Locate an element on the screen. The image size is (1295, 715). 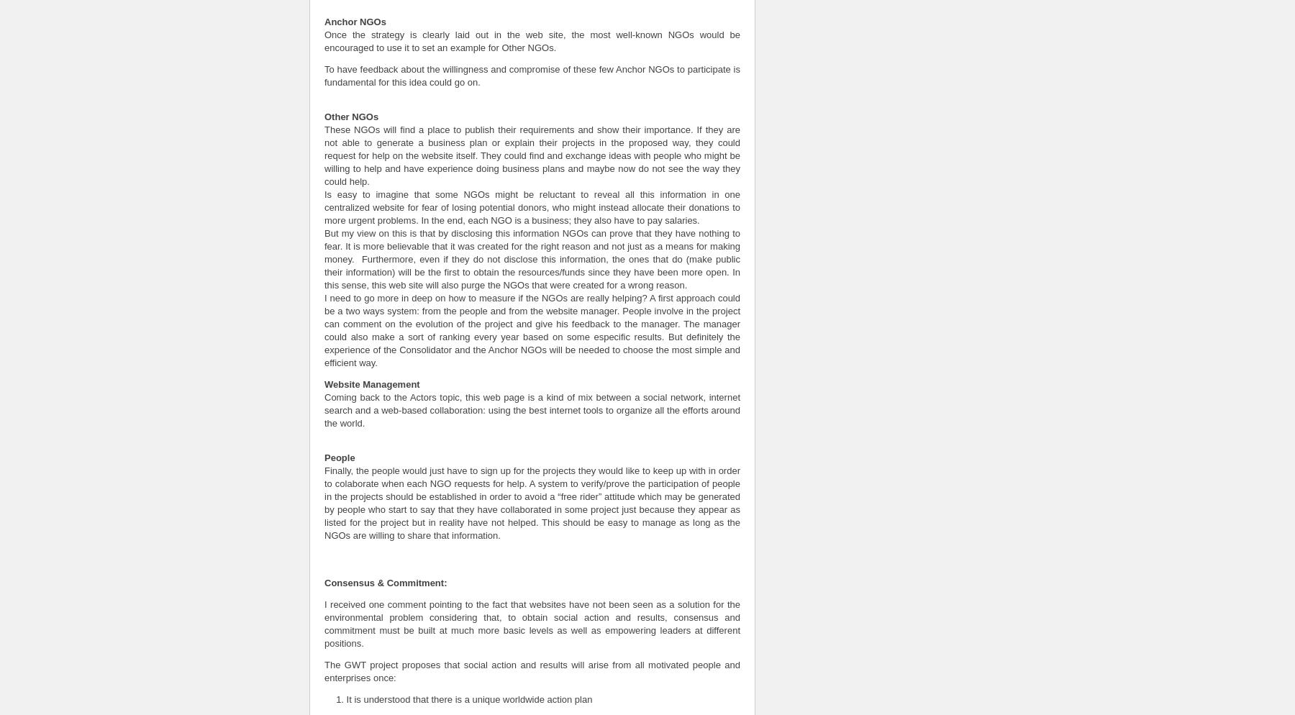
'Once the strategy is clearly laid out in the web site, the most well-known NGOs would be encouraged to use it to set an example for Other NGOs.' is located at coordinates (531, 40).